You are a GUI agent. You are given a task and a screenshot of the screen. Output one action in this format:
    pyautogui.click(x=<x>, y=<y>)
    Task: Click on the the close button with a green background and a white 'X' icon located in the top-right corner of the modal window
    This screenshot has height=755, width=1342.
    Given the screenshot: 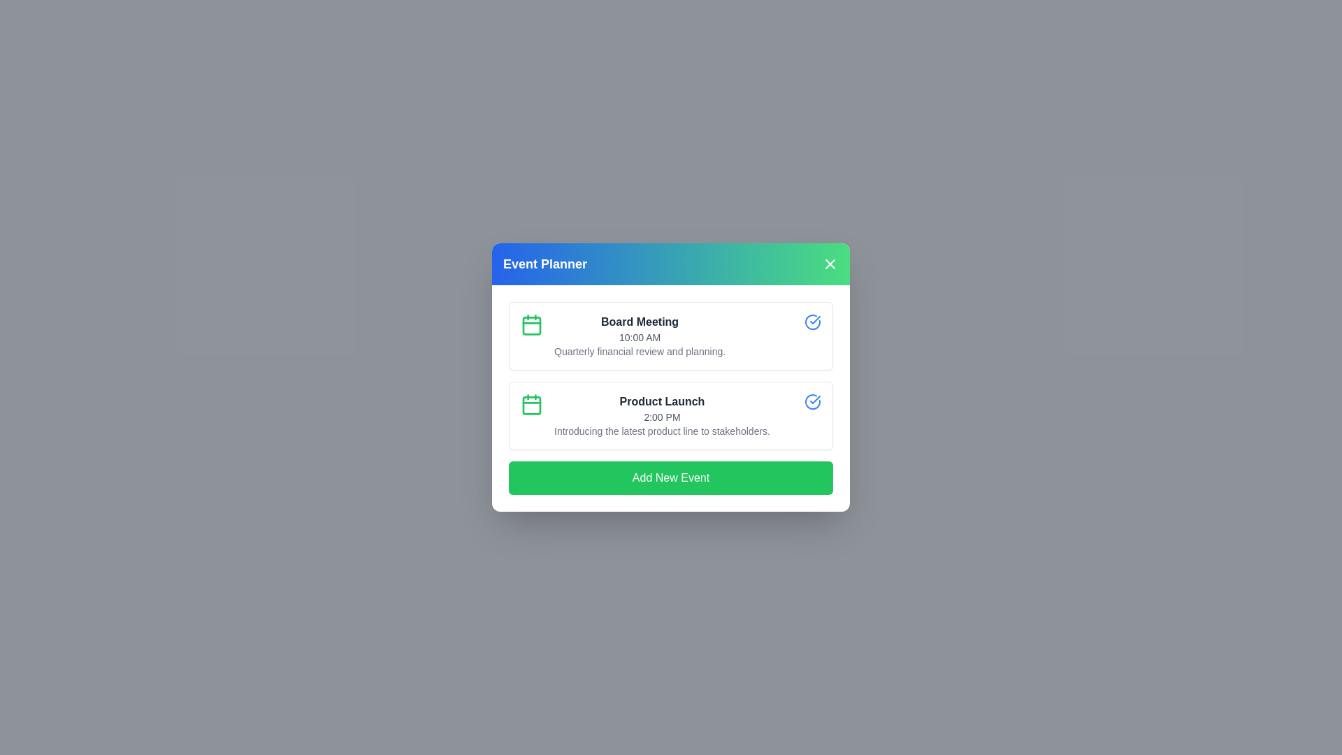 What is the action you would take?
    pyautogui.click(x=830, y=264)
    